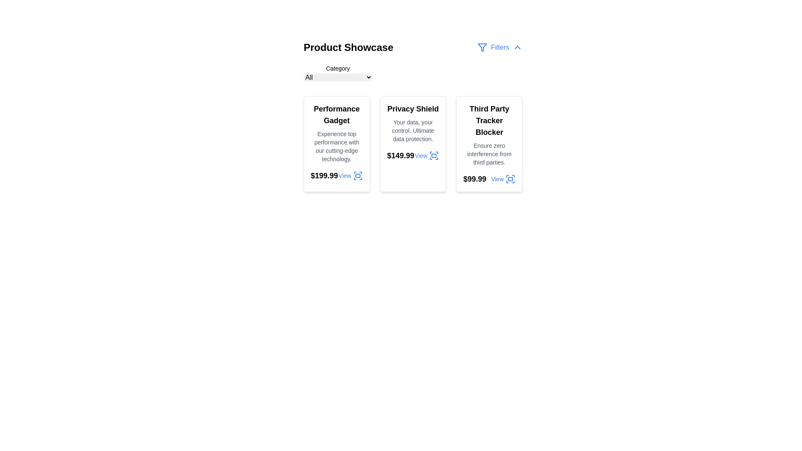 The height and width of the screenshot is (451, 802). Describe the element at coordinates (413, 109) in the screenshot. I see `the Text label that serves as the title of the product or feature in the second card from the left` at that location.